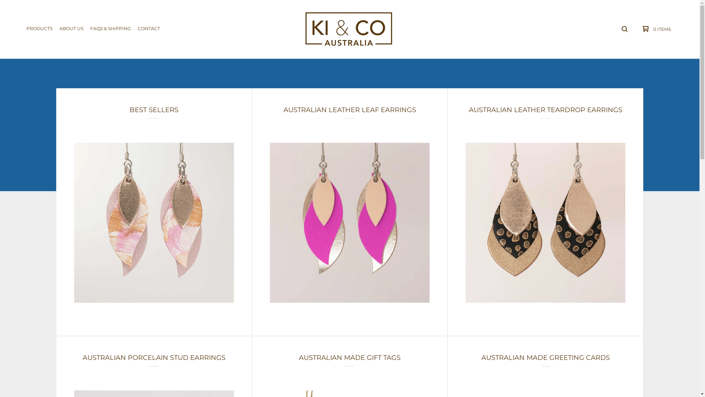  What do you see at coordinates (349, 212) in the screenshot?
I see `'AUSTRALIAN LEATHER LEAF EARRINGS'` at bounding box center [349, 212].